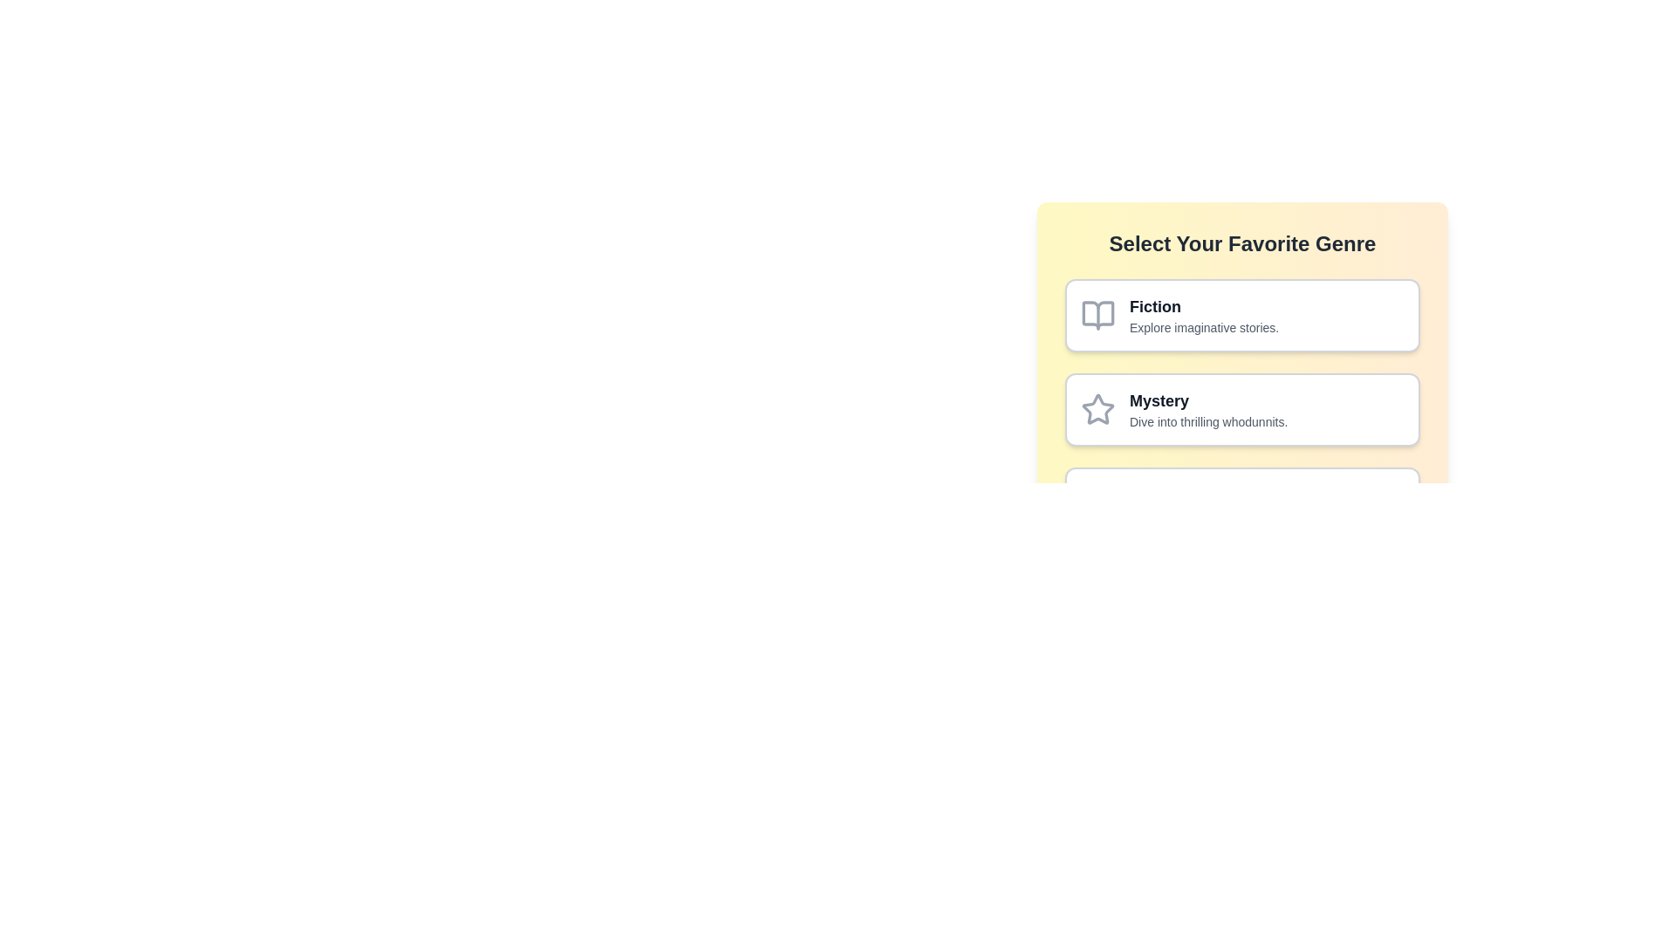  I want to click on the text block labeled 'Mystery', so click(1207, 410).